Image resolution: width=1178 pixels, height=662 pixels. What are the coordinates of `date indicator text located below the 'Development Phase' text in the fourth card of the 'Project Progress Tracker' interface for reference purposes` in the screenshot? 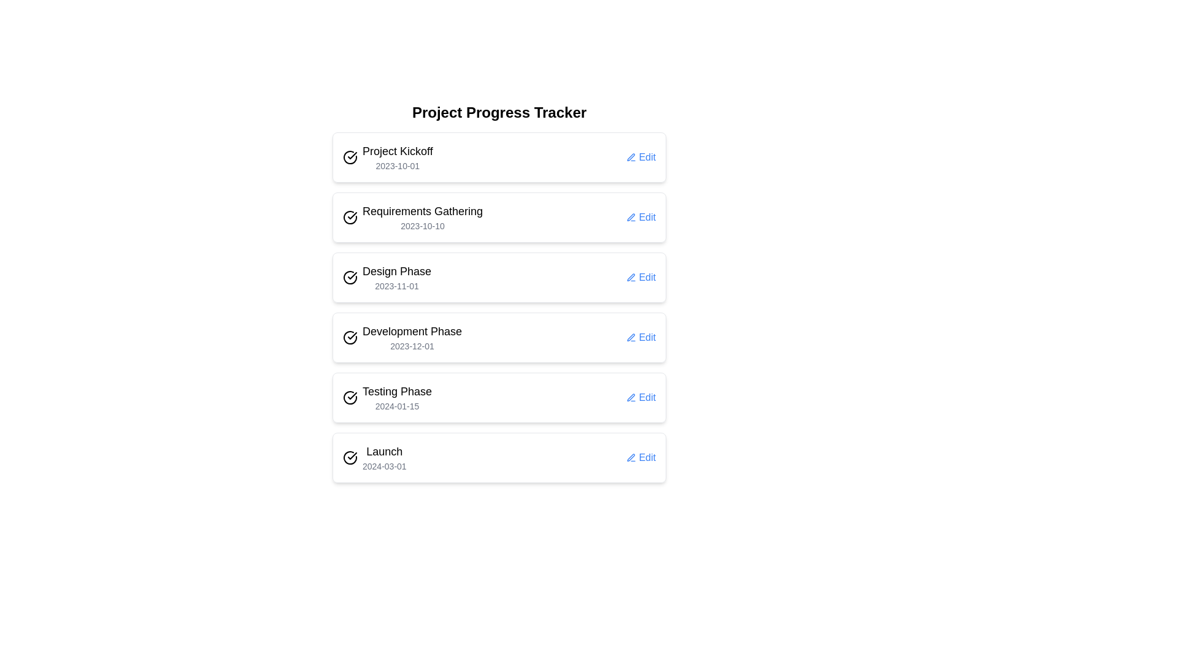 It's located at (412, 346).